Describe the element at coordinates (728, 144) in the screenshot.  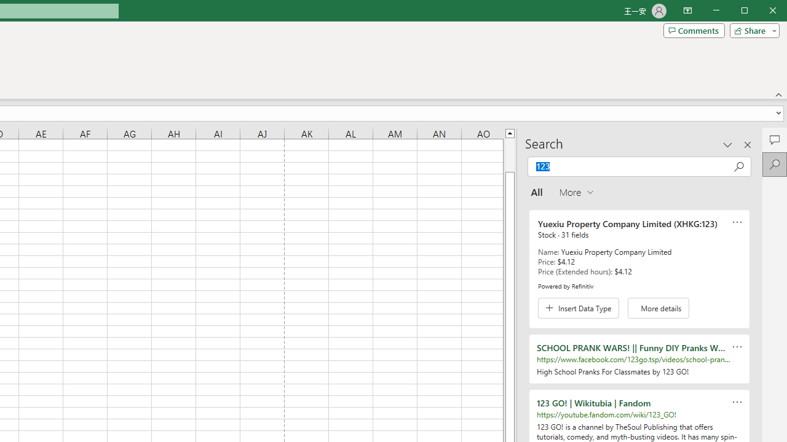
I see `'Task Pane Options'` at that location.